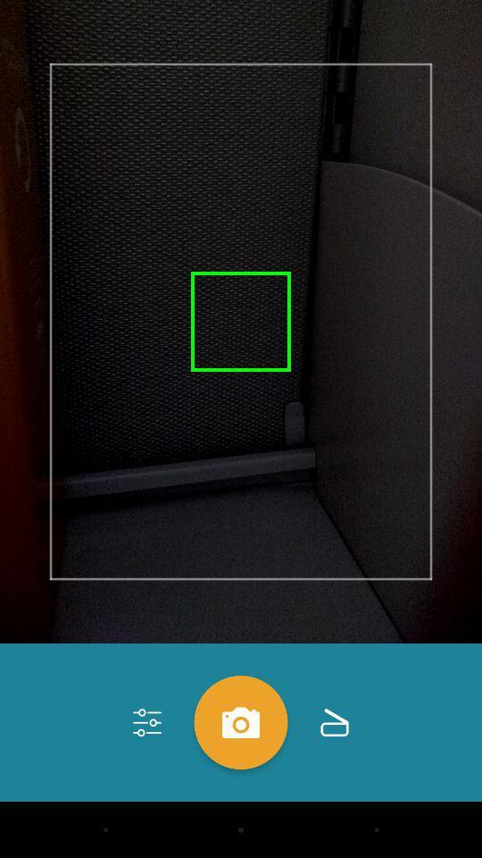 Image resolution: width=482 pixels, height=858 pixels. Describe the element at coordinates (334, 722) in the screenshot. I see `the folder icon` at that location.